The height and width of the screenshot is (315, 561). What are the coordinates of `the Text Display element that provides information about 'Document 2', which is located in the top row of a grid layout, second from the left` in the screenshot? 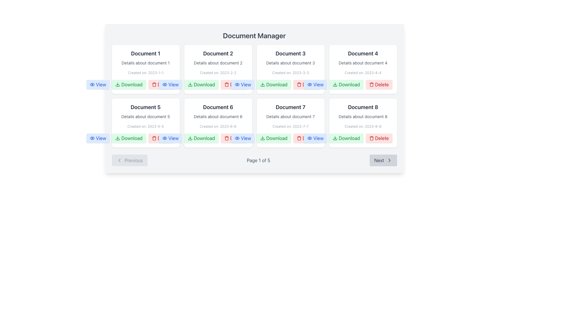 It's located at (218, 62).